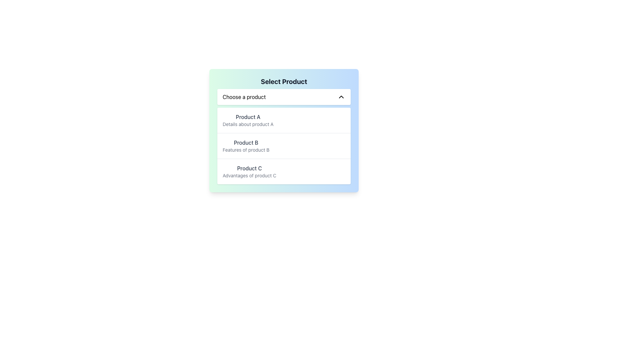 The width and height of the screenshot is (640, 360). What do you see at coordinates (244, 97) in the screenshot?
I see `the text label that says 'Choose a product', which is located in the upper section of the dropdown menu, to the left of the downward-facing chevron icon` at bounding box center [244, 97].